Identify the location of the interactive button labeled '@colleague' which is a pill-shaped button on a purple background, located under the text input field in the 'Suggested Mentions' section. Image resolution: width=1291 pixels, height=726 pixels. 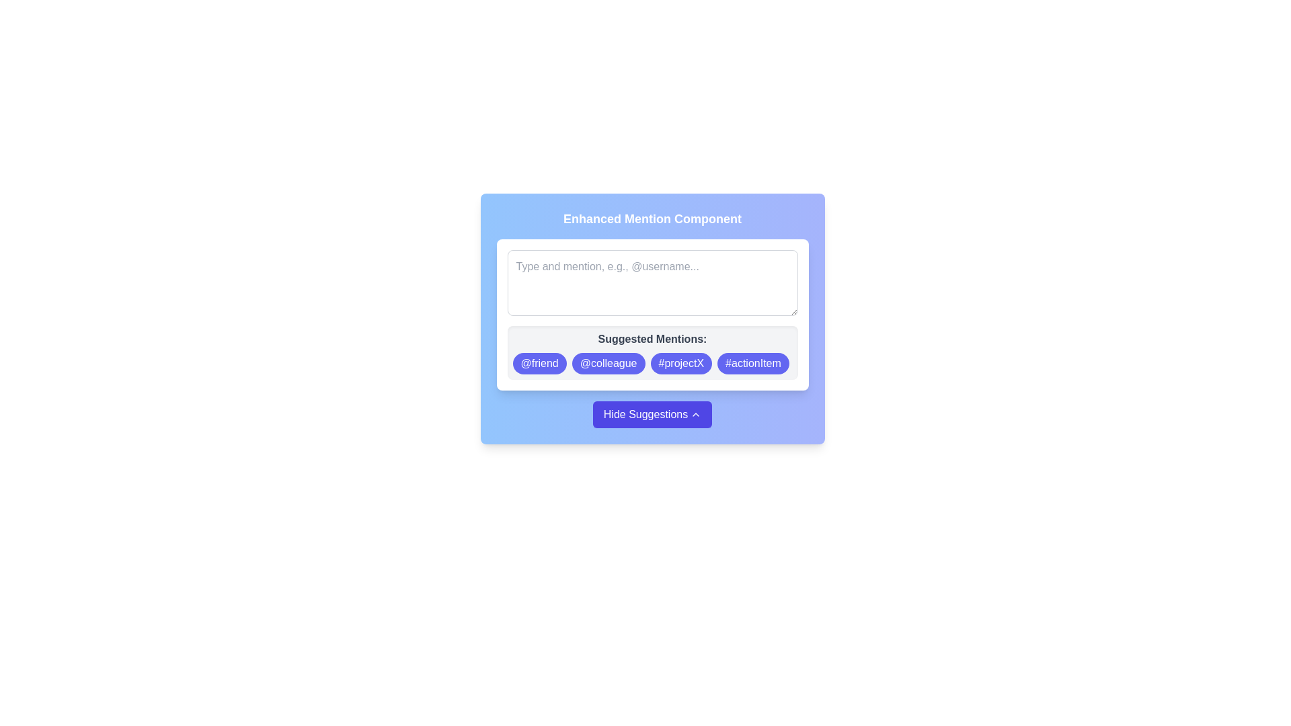
(608, 363).